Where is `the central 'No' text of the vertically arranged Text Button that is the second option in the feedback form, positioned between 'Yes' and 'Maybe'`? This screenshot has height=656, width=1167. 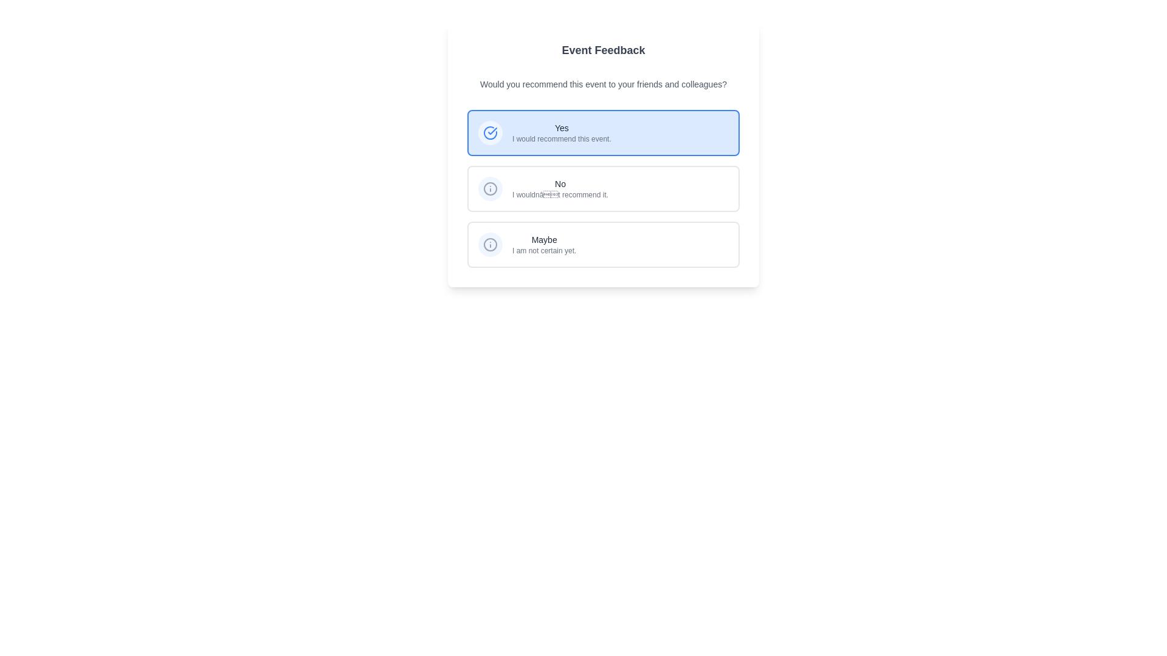 the central 'No' text of the vertically arranged Text Button that is the second option in the feedback form, positioned between 'Yes' and 'Maybe' is located at coordinates (559, 189).